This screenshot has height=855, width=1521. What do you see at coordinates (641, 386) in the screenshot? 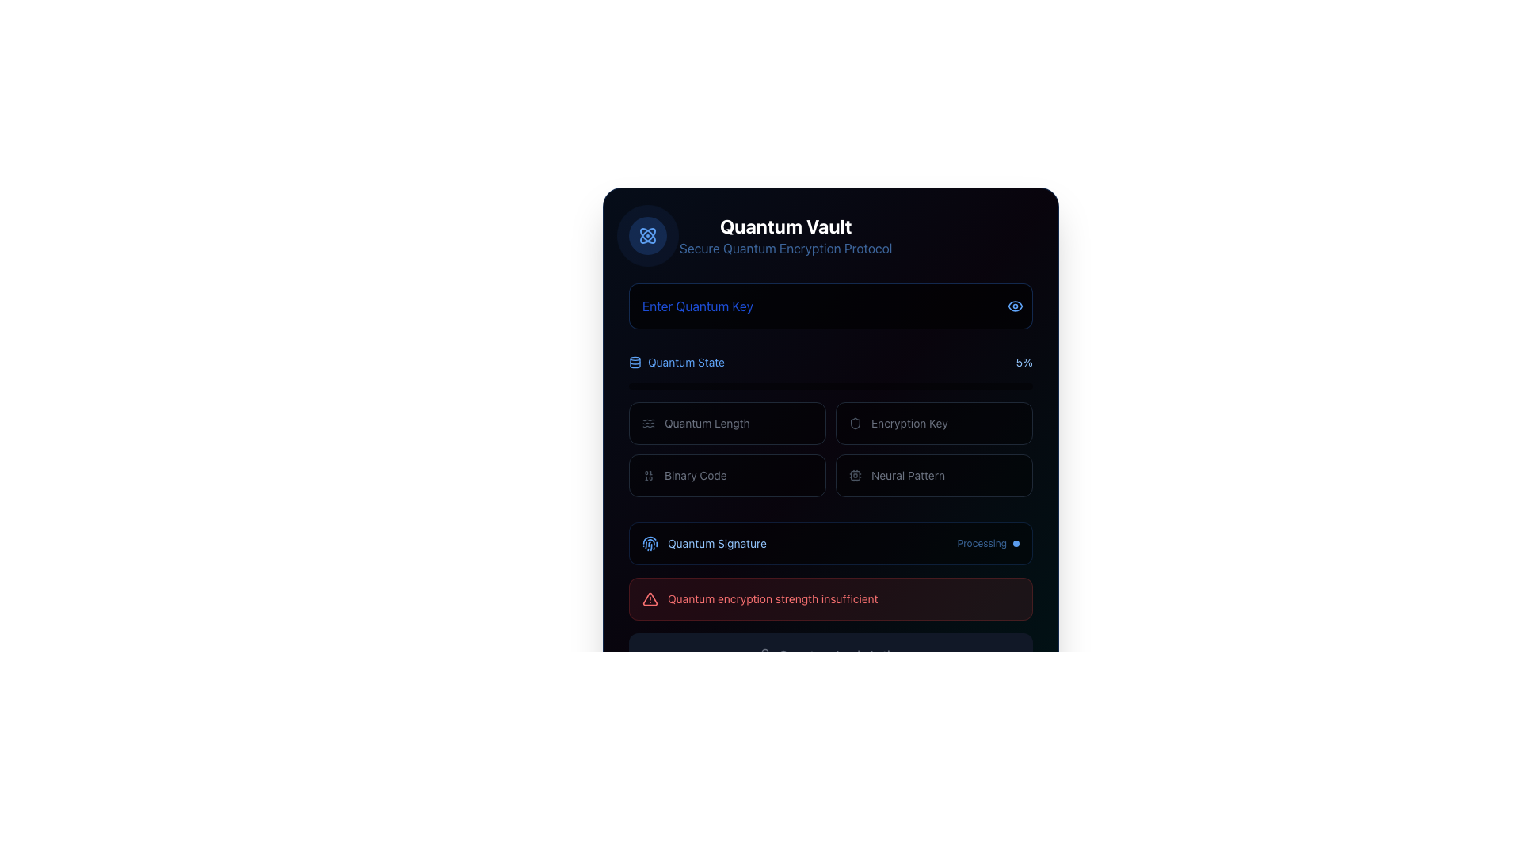
I see `the Quantum State slider` at bounding box center [641, 386].